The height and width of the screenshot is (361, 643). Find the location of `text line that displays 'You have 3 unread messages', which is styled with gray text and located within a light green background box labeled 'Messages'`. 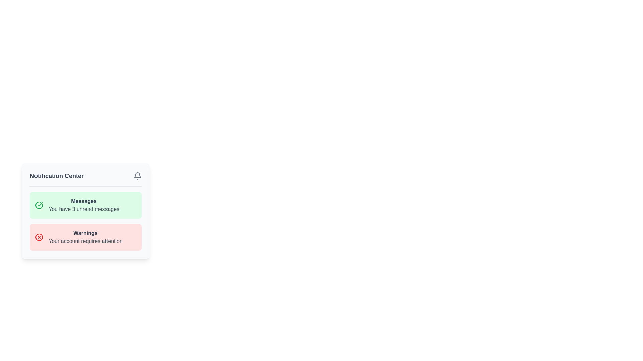

text line that displays 'You have 3 unread messages', which is styled with gray text and located within a light green background box labeled 'Messages' is located at coordinates (83, 209).